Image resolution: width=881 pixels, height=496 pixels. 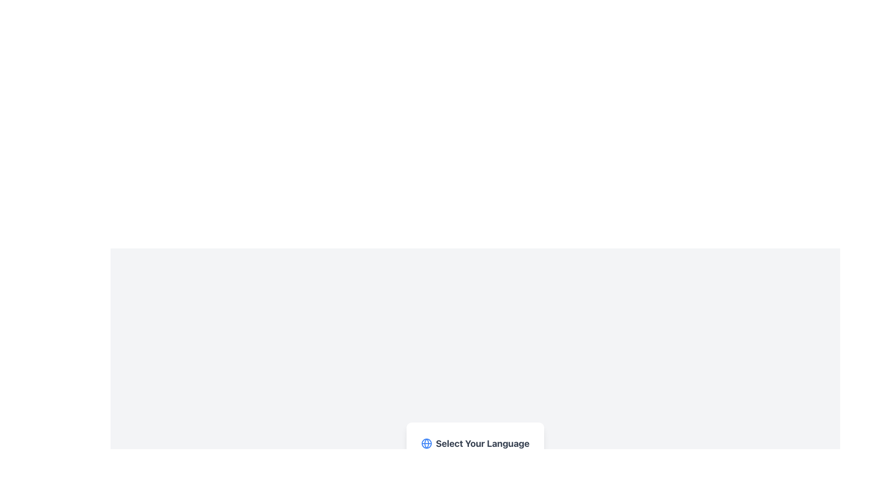 I want to click on the language icon located to the left of the 'Select Your Language' text, which represents global or language-related functionality, so click(x=426, y=443).